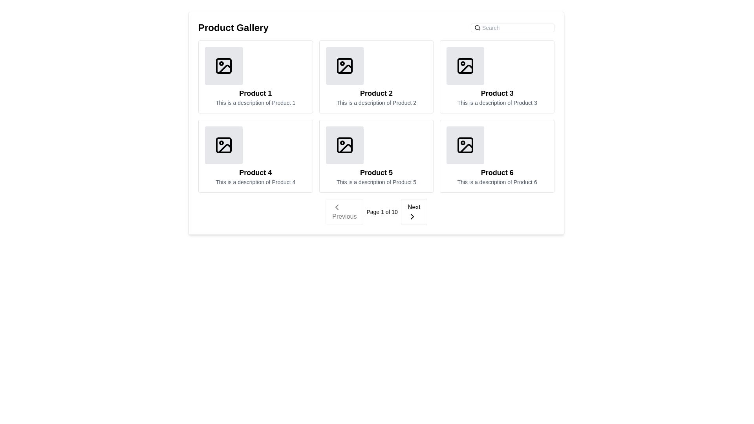 The width and height of the screenshot is (754, 424). Describe the element at coordinates (223, 66) in the screenshot. I see `the icon representing 'Product 1' in the top-left corner of the product gallery` at that location.